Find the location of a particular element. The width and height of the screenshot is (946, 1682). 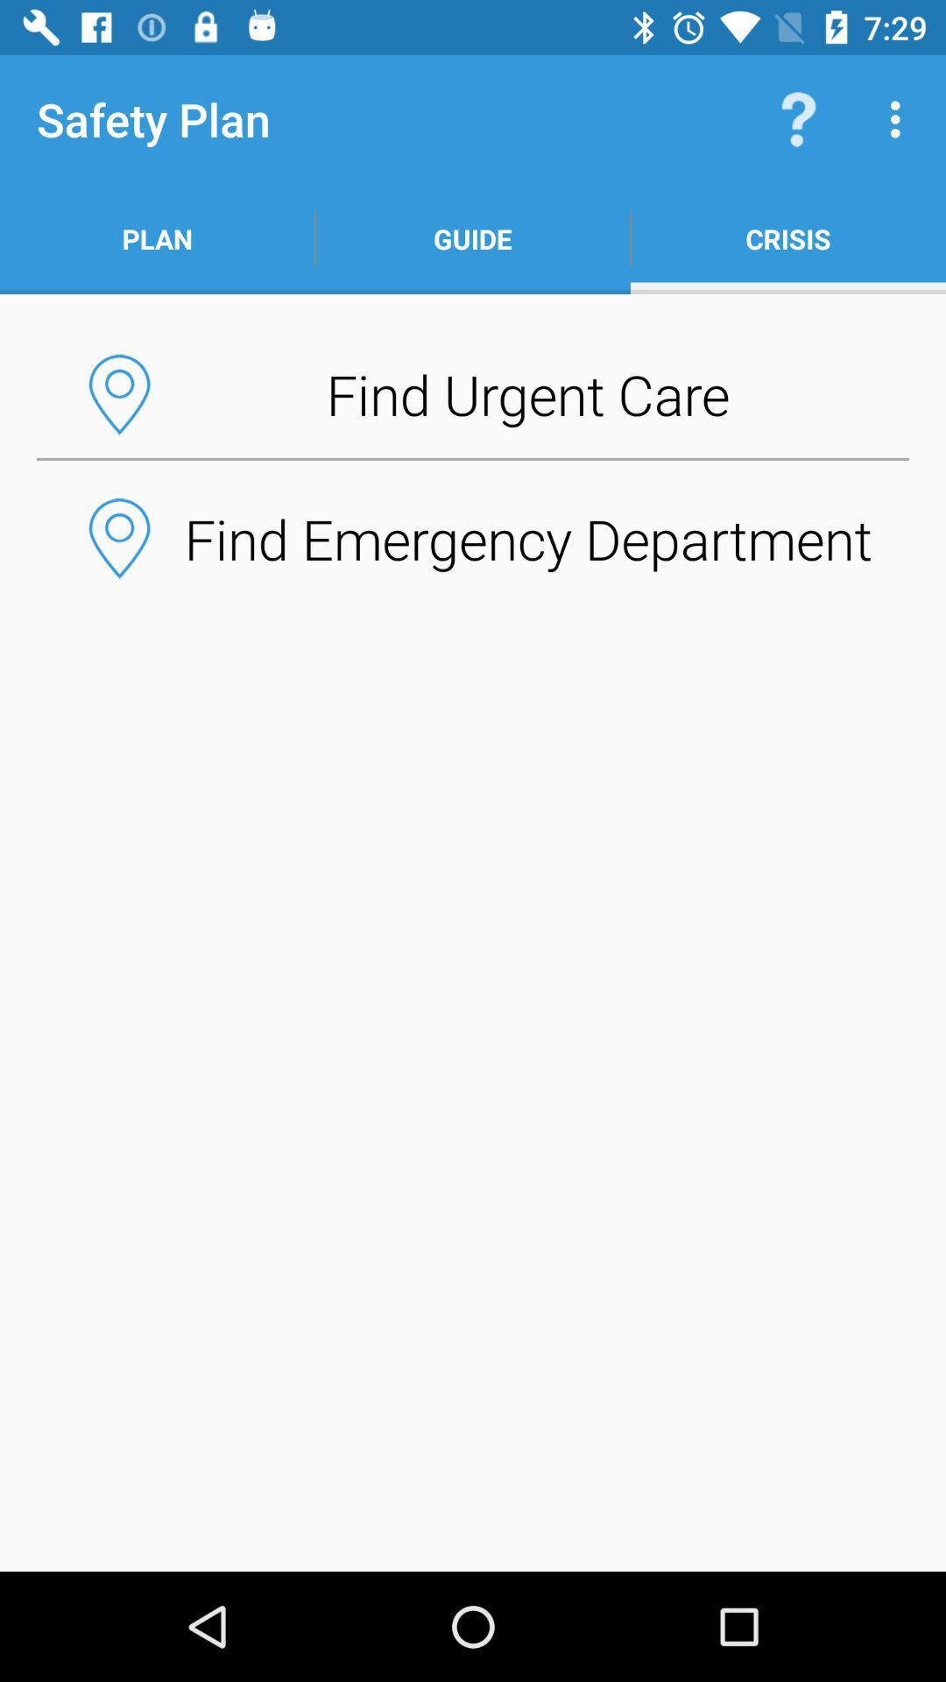

crisis icon is located at coordinates (787, 238).